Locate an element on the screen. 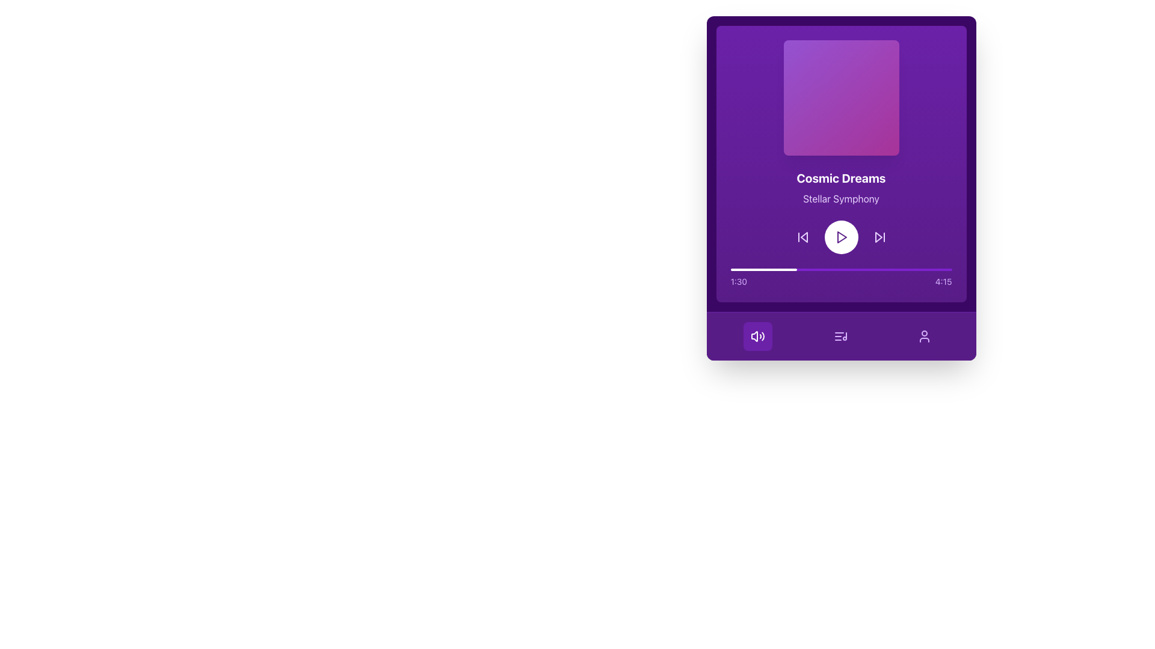  playback time is located at coordinates (926, 269).